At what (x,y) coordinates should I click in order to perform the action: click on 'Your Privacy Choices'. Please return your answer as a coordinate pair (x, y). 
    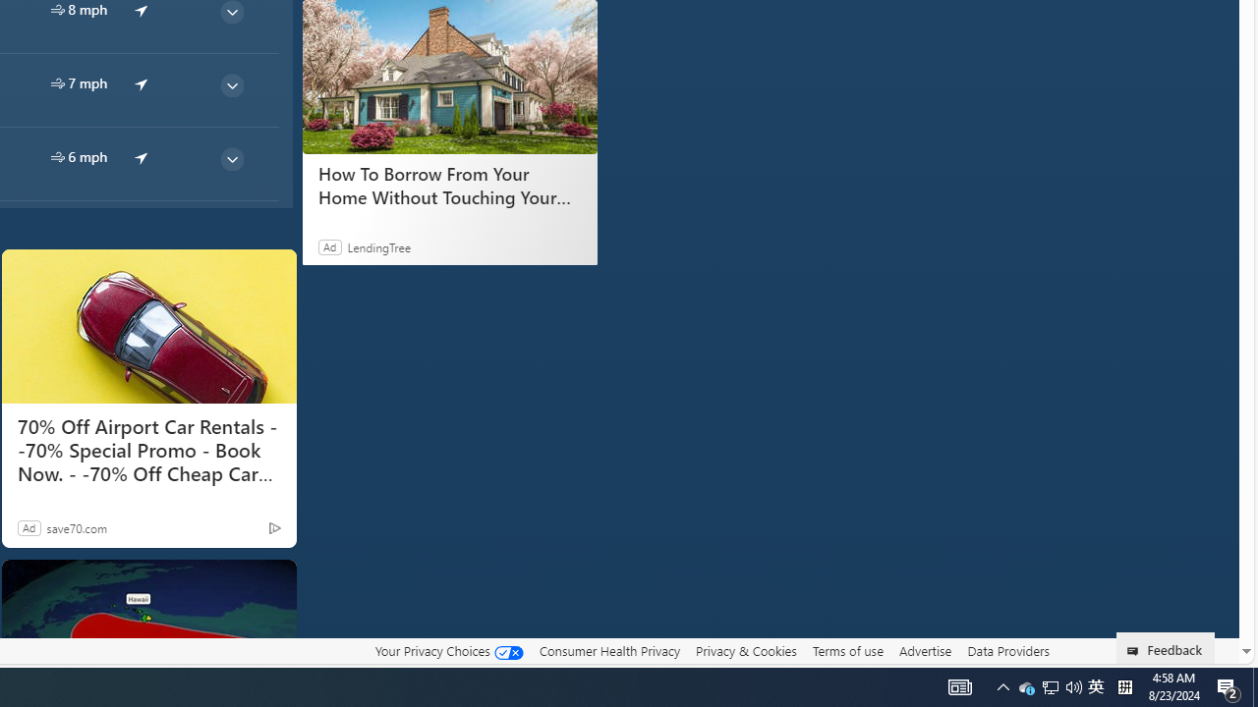
    Looking at the image, I should click on (447, 650).